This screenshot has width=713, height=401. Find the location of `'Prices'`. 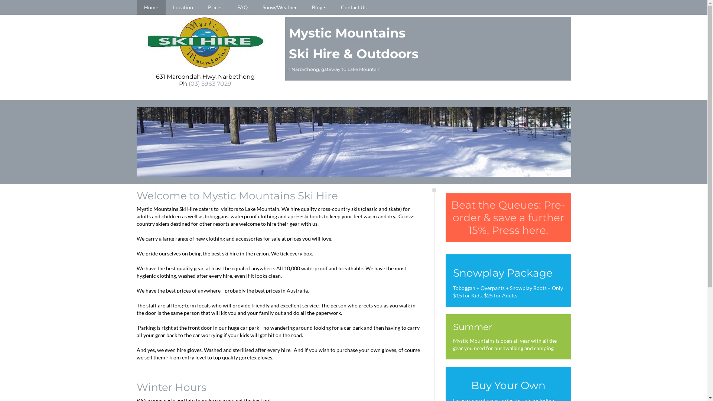

'Prices' is located at coordinates (215, 7).